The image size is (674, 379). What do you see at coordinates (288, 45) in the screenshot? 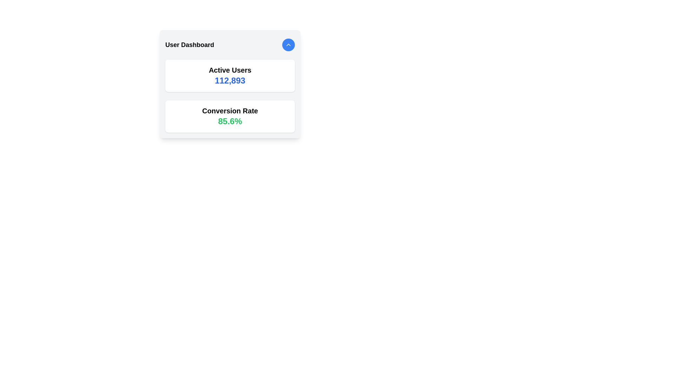
I see `the chevron icon within the circular button located in the top-right corner of the 'User Dashboard' widget` at bounding box center [288, 45].